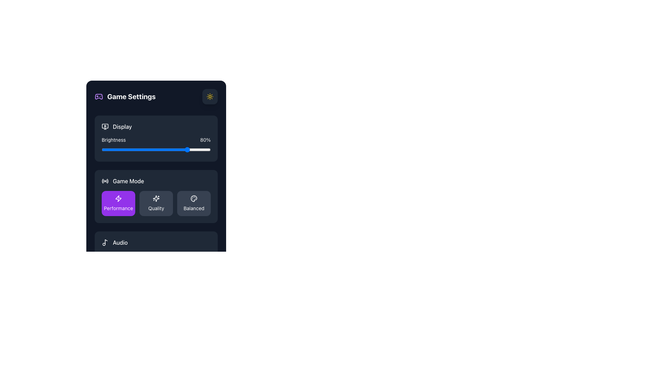 The height and width of the screenshot is (377, 671). Describe the element at coordinates (128, 181) in the screenshot. I see `label text that describes the 'Game Mode' settings, positioned to the right of a radio icon and above the selectable modes` at that location.